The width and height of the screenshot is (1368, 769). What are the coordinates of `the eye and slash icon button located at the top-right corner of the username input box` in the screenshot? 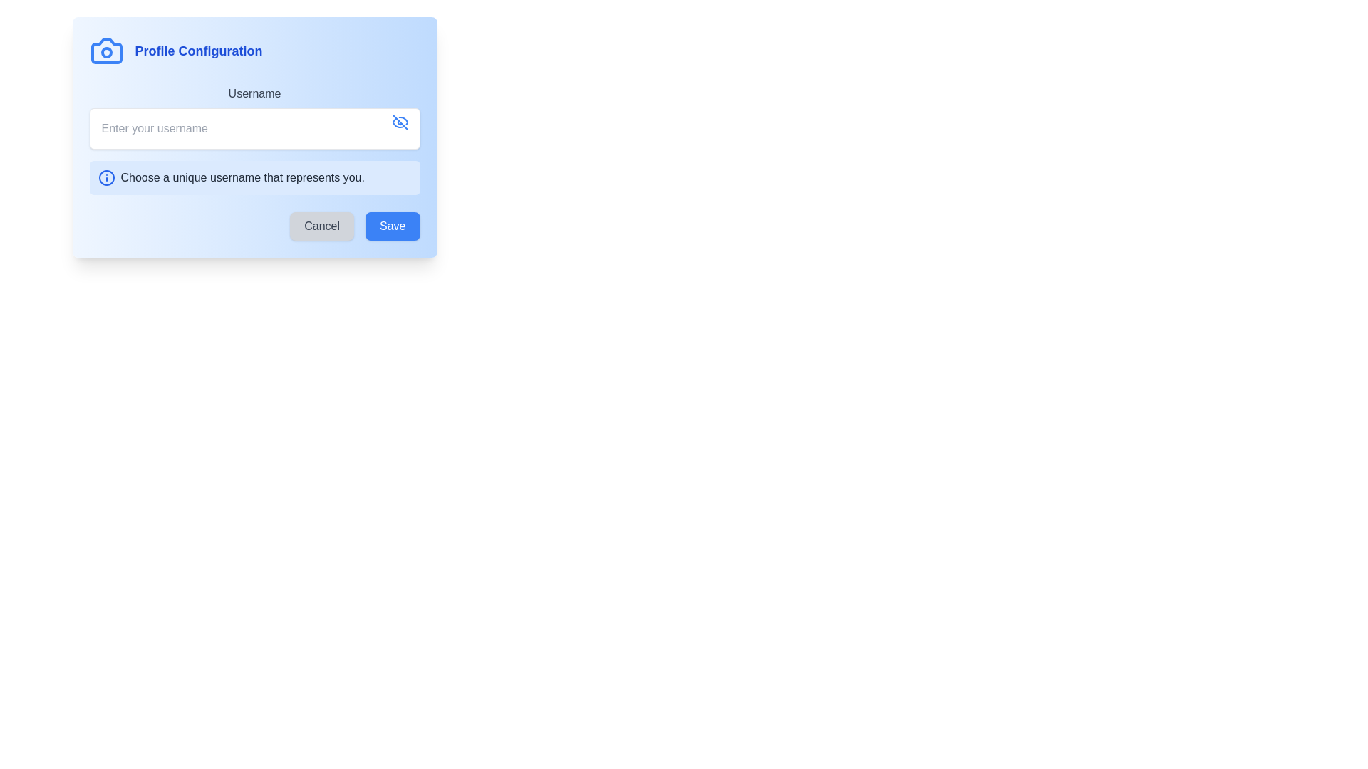 It's located at (399, 122).